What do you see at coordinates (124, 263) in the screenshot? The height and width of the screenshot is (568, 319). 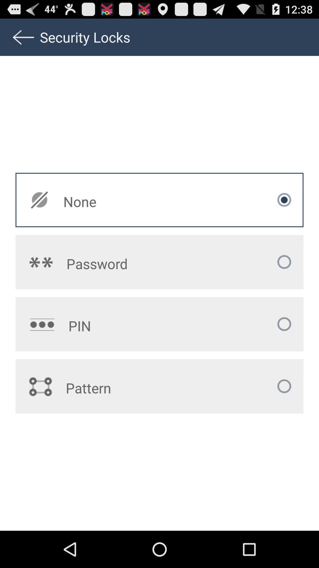 I see `the password app` at bounding box center [124, 263].